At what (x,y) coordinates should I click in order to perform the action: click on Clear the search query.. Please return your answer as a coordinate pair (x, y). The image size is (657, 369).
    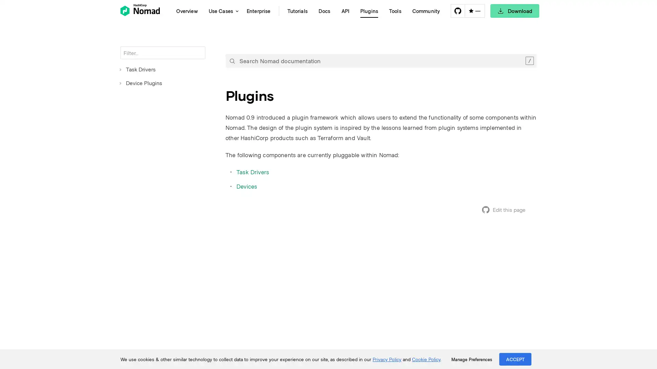
    Looking at the image, I should click on (529, 60).